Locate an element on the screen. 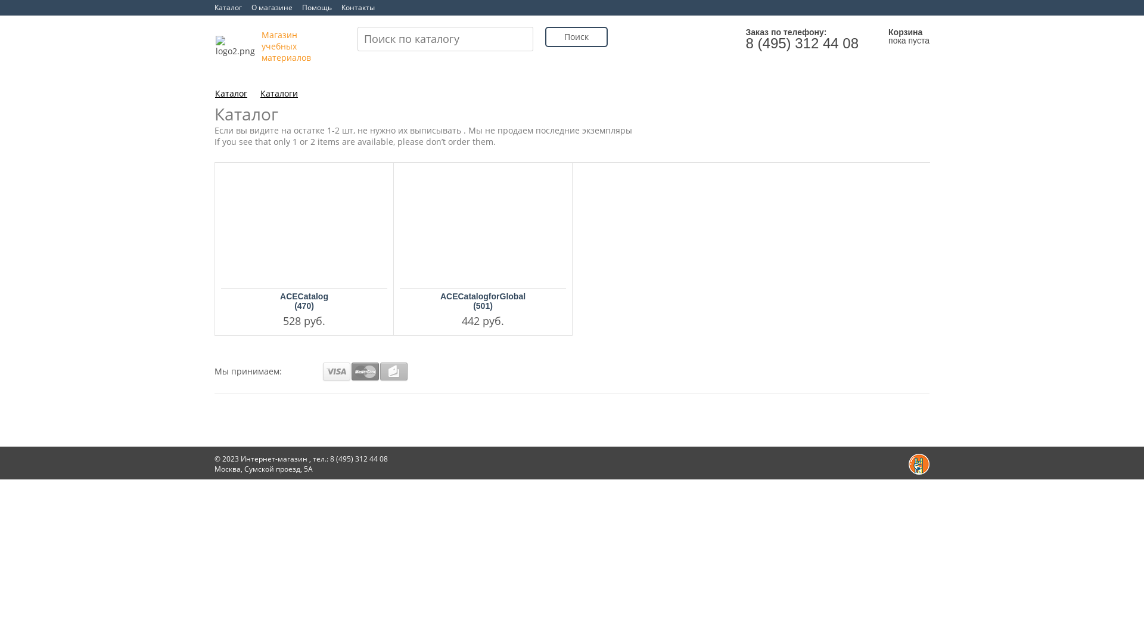 The width and height of the screenshot is (1144, 644). 'ACECatalog is located at coordinates (304, 301).